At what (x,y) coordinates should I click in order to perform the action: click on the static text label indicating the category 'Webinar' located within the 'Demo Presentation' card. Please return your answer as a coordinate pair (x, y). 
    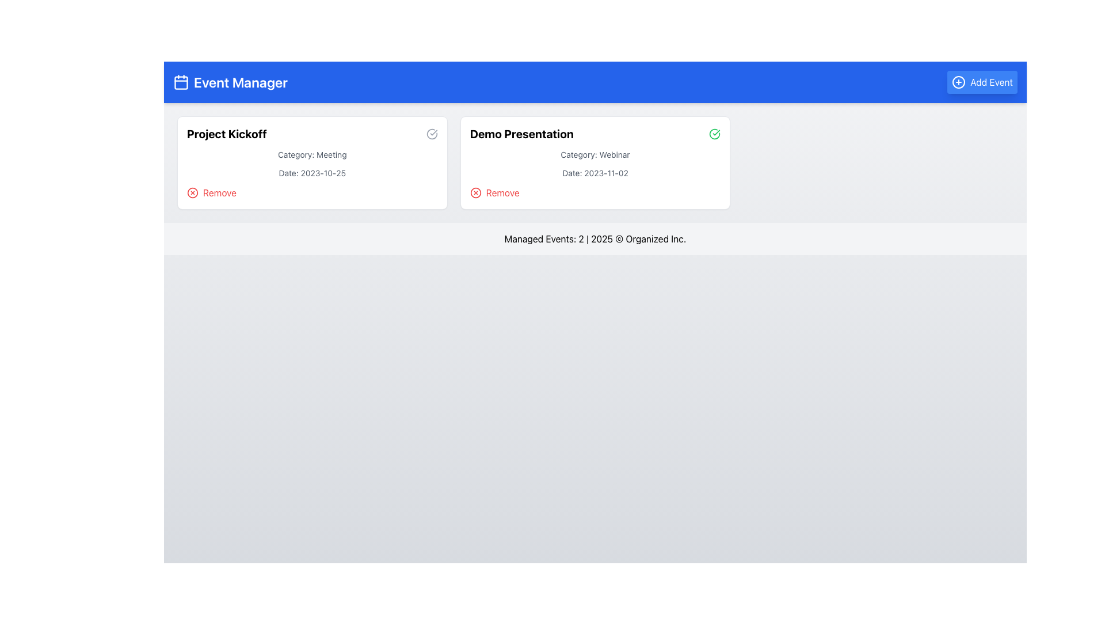
    Looking at the image, I should click on (595, 154).